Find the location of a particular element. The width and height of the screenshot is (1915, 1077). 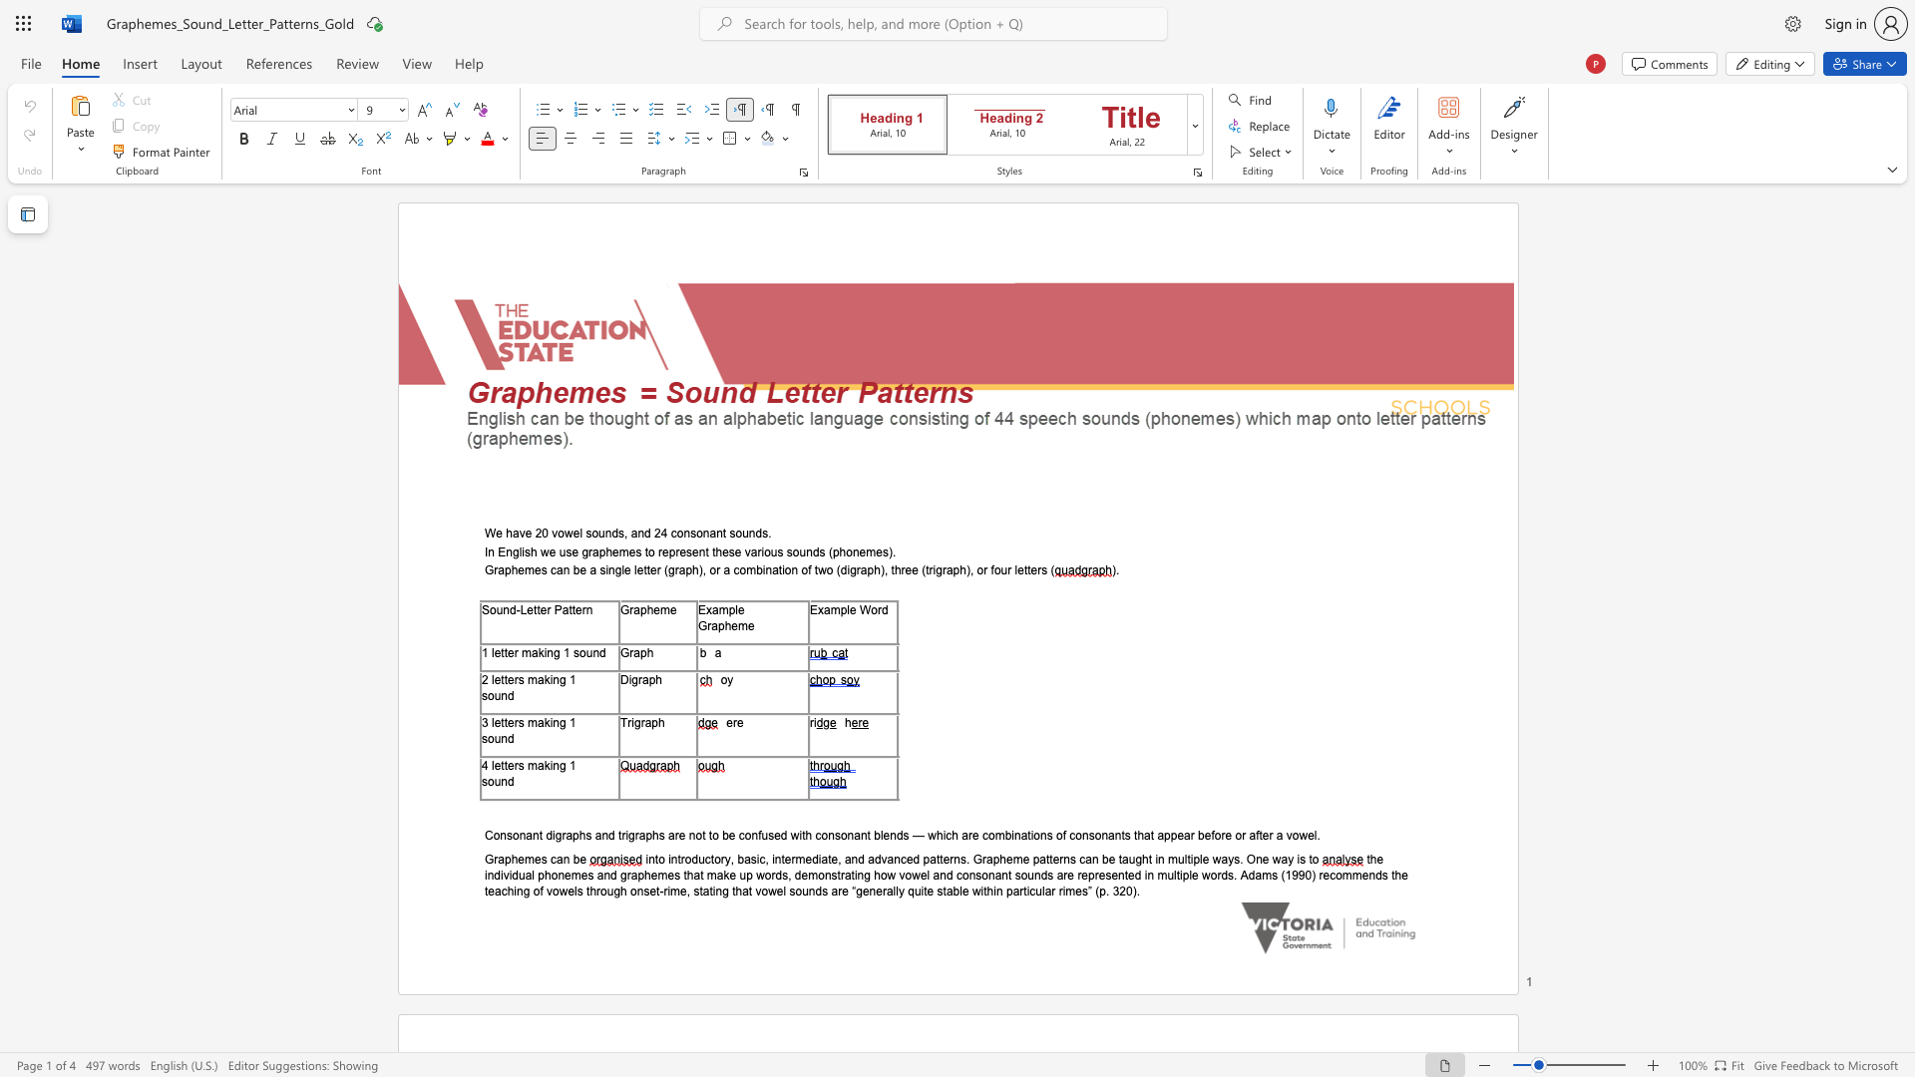

the subset text "he teaching of vowels t" within the text "how vowel and consonant sounds are represented in multiple words. Adams (1990) recommends the teaching of vowels through onset-rime," is located at coordinates (1393, 874).